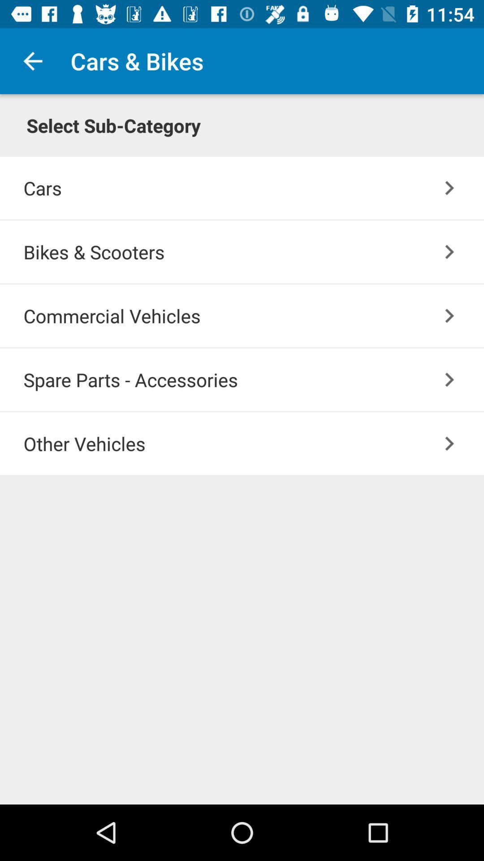  I want to click on icon above select sub-category icon, so click(32, 61).